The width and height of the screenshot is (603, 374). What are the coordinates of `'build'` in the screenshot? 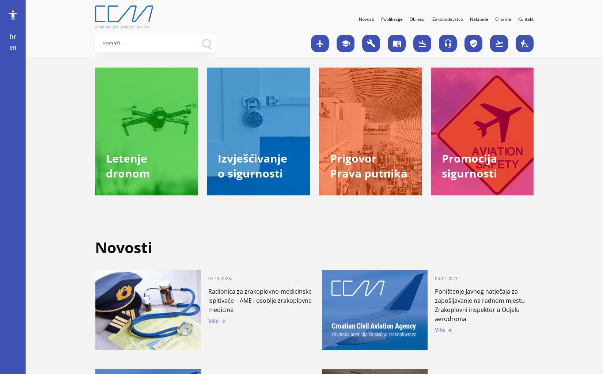 It's located at (371, 43).